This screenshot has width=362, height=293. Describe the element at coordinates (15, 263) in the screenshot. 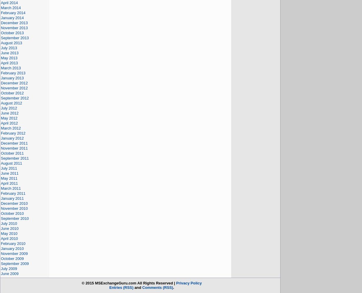

I see `'September 2009'` at that location.